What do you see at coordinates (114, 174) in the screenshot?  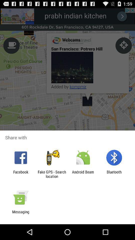 I see `bluetooth app` at bounding box center [114, 174].